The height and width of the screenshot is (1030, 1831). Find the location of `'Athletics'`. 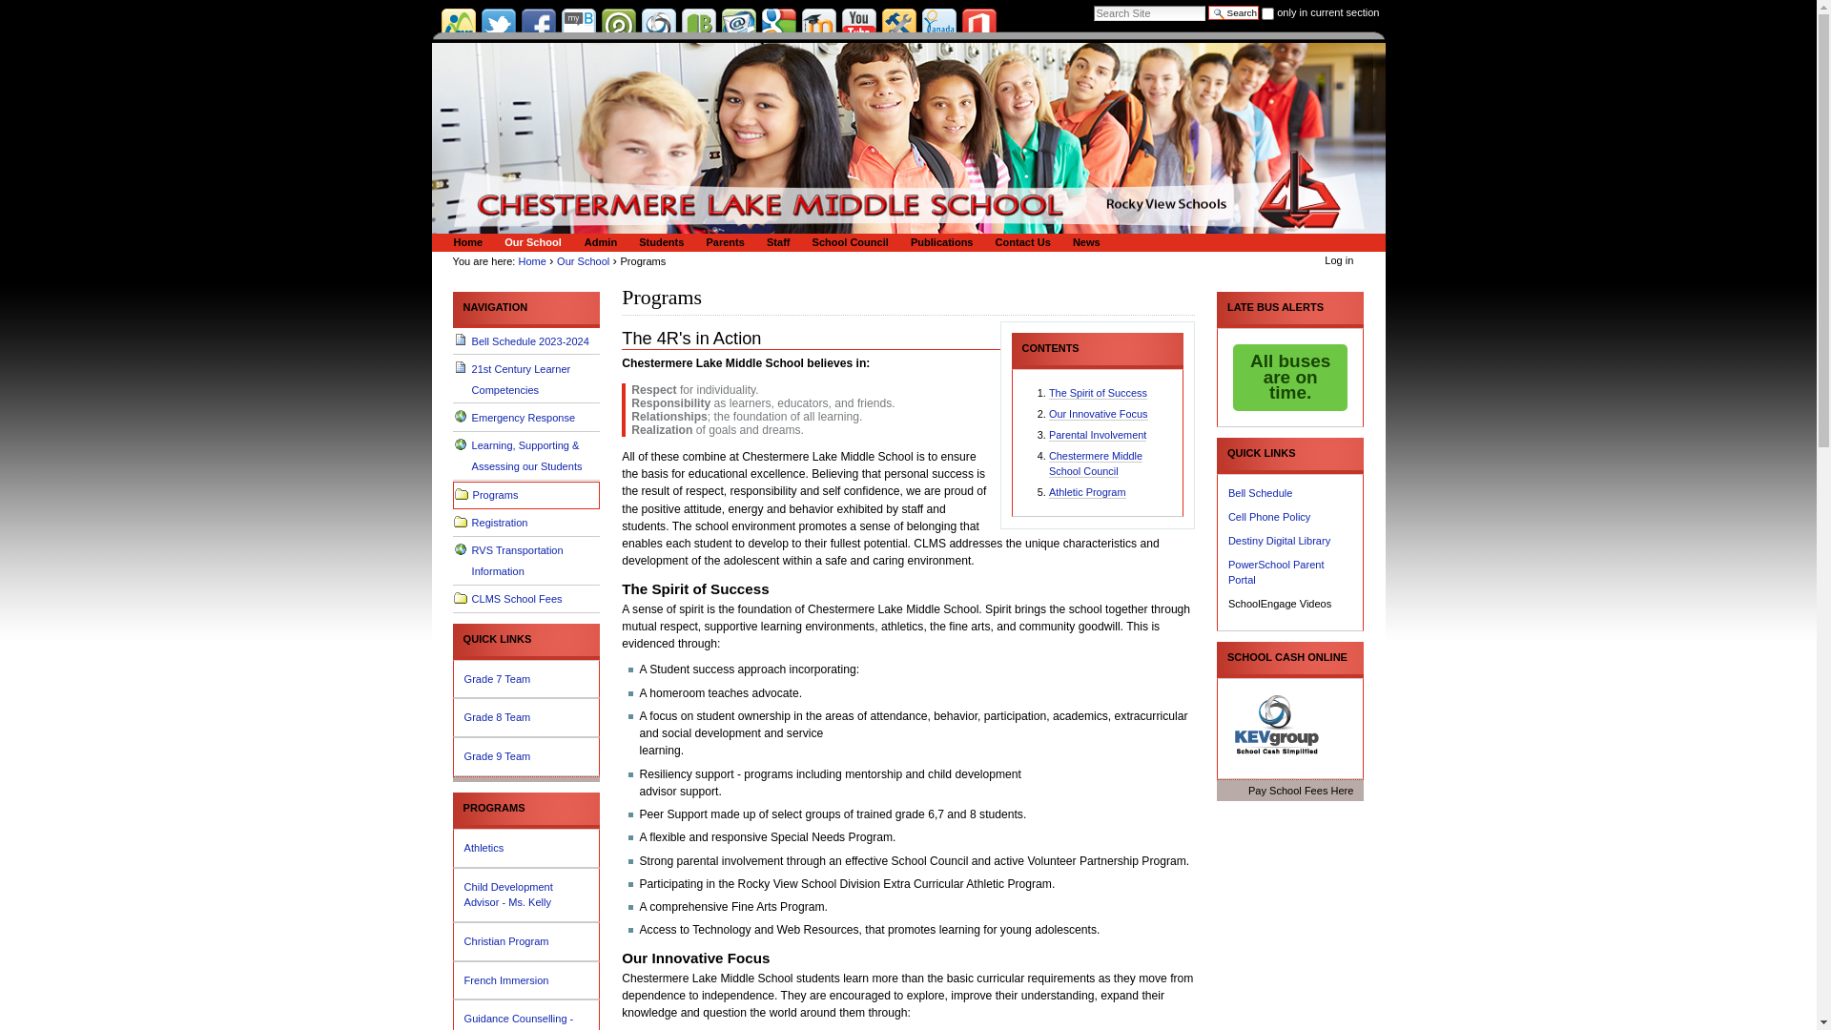

'Athletics' is located at coordinates (526, 847).